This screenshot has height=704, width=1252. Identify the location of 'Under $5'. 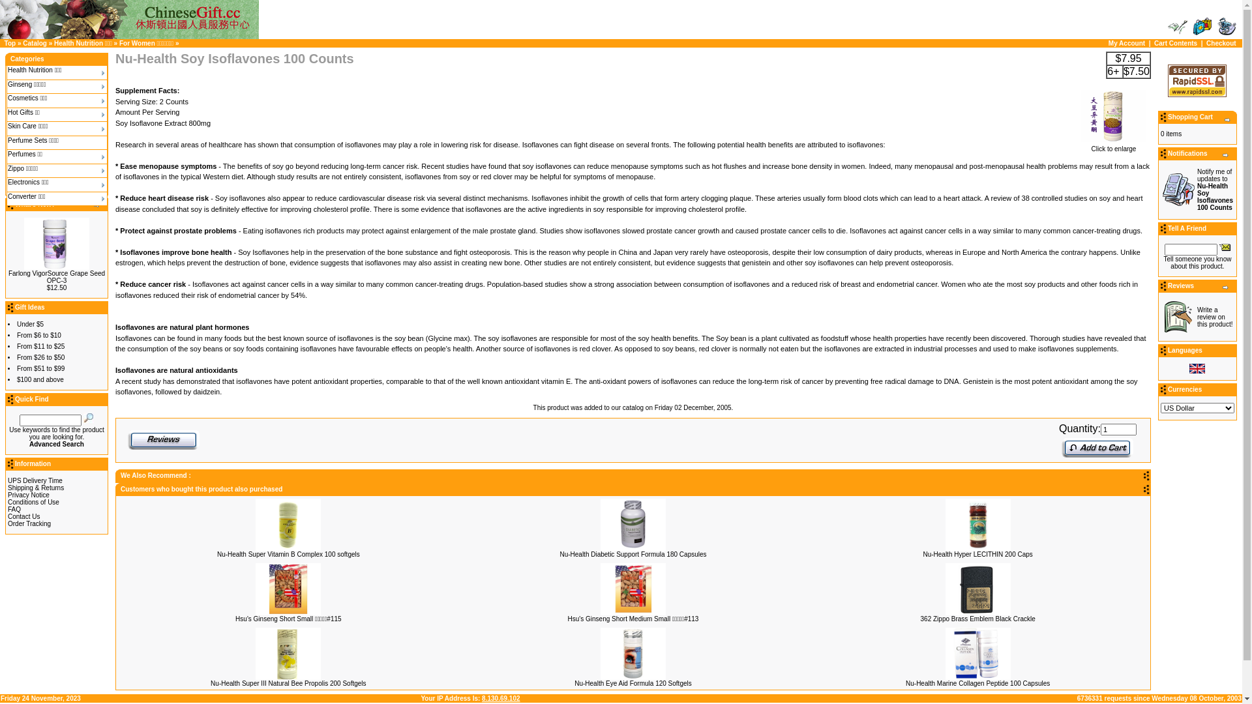
(30, 323).